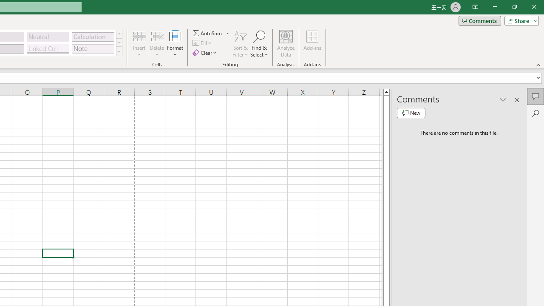 This screenshot has height=306, width=544. Describe the element at coordinates (119, 42) in the screenshot. I see `'Row Down'` at that location.